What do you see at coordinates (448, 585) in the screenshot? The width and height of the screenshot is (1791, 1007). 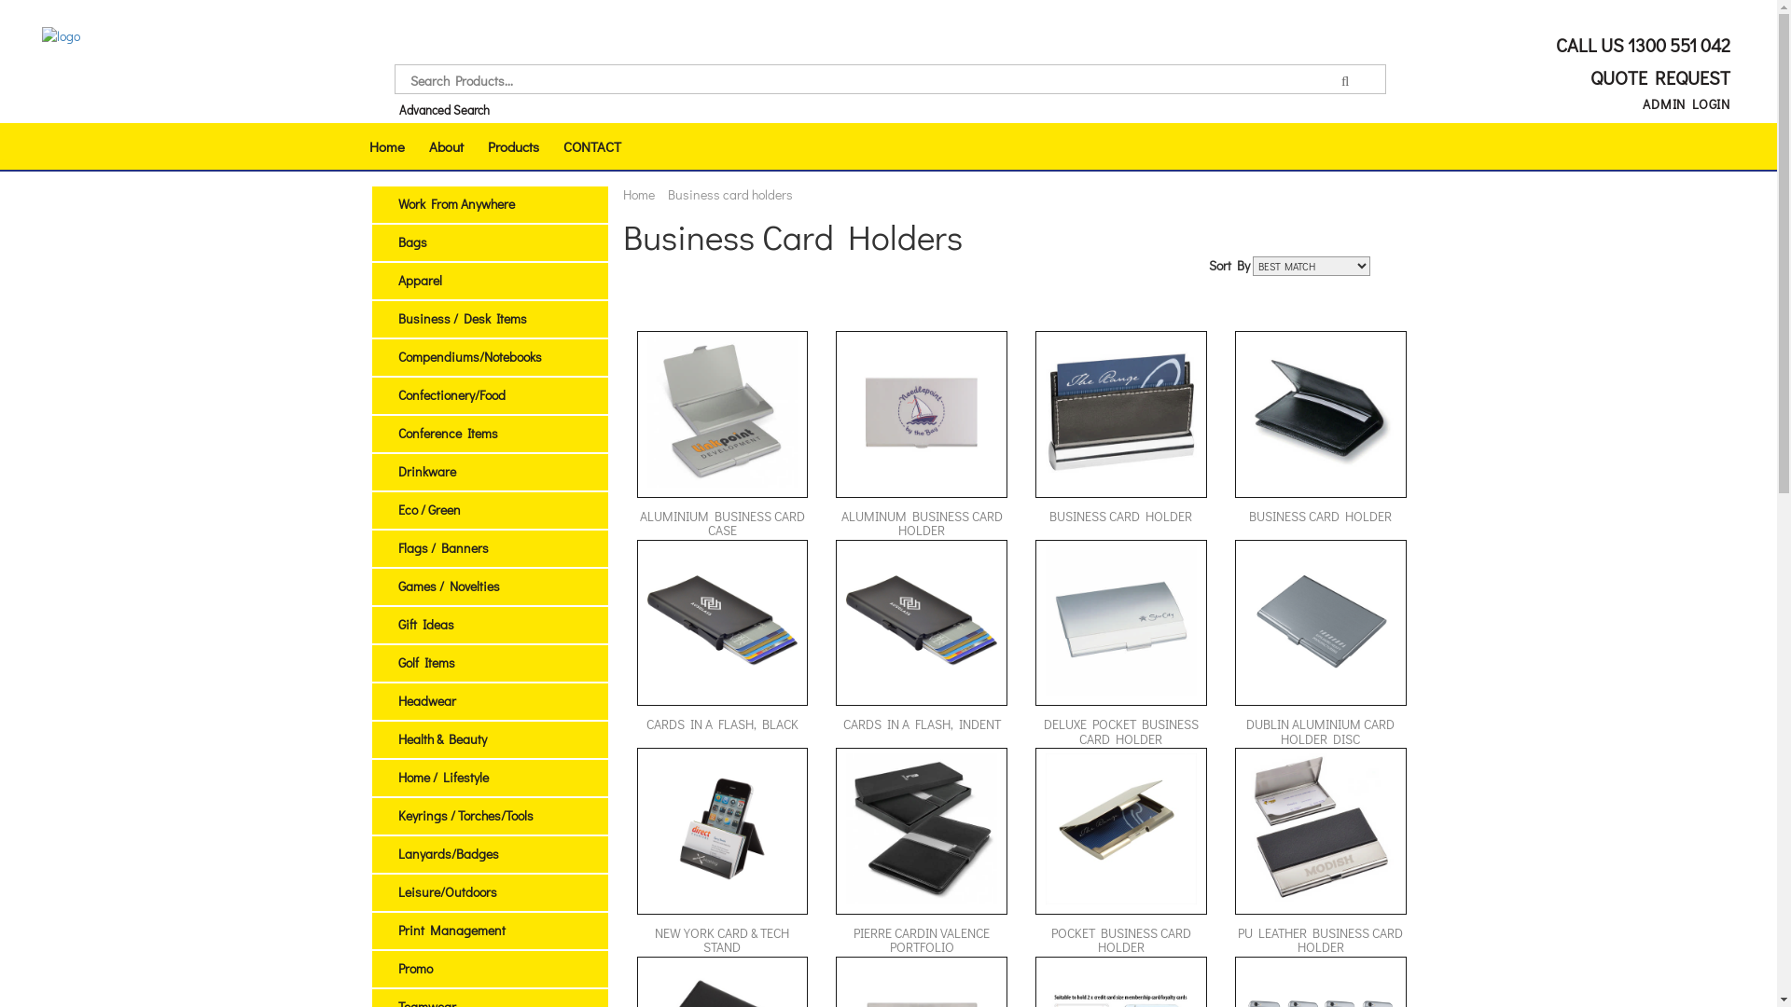 I see `'Games / Novelties'` at bounding box center [448, 585].